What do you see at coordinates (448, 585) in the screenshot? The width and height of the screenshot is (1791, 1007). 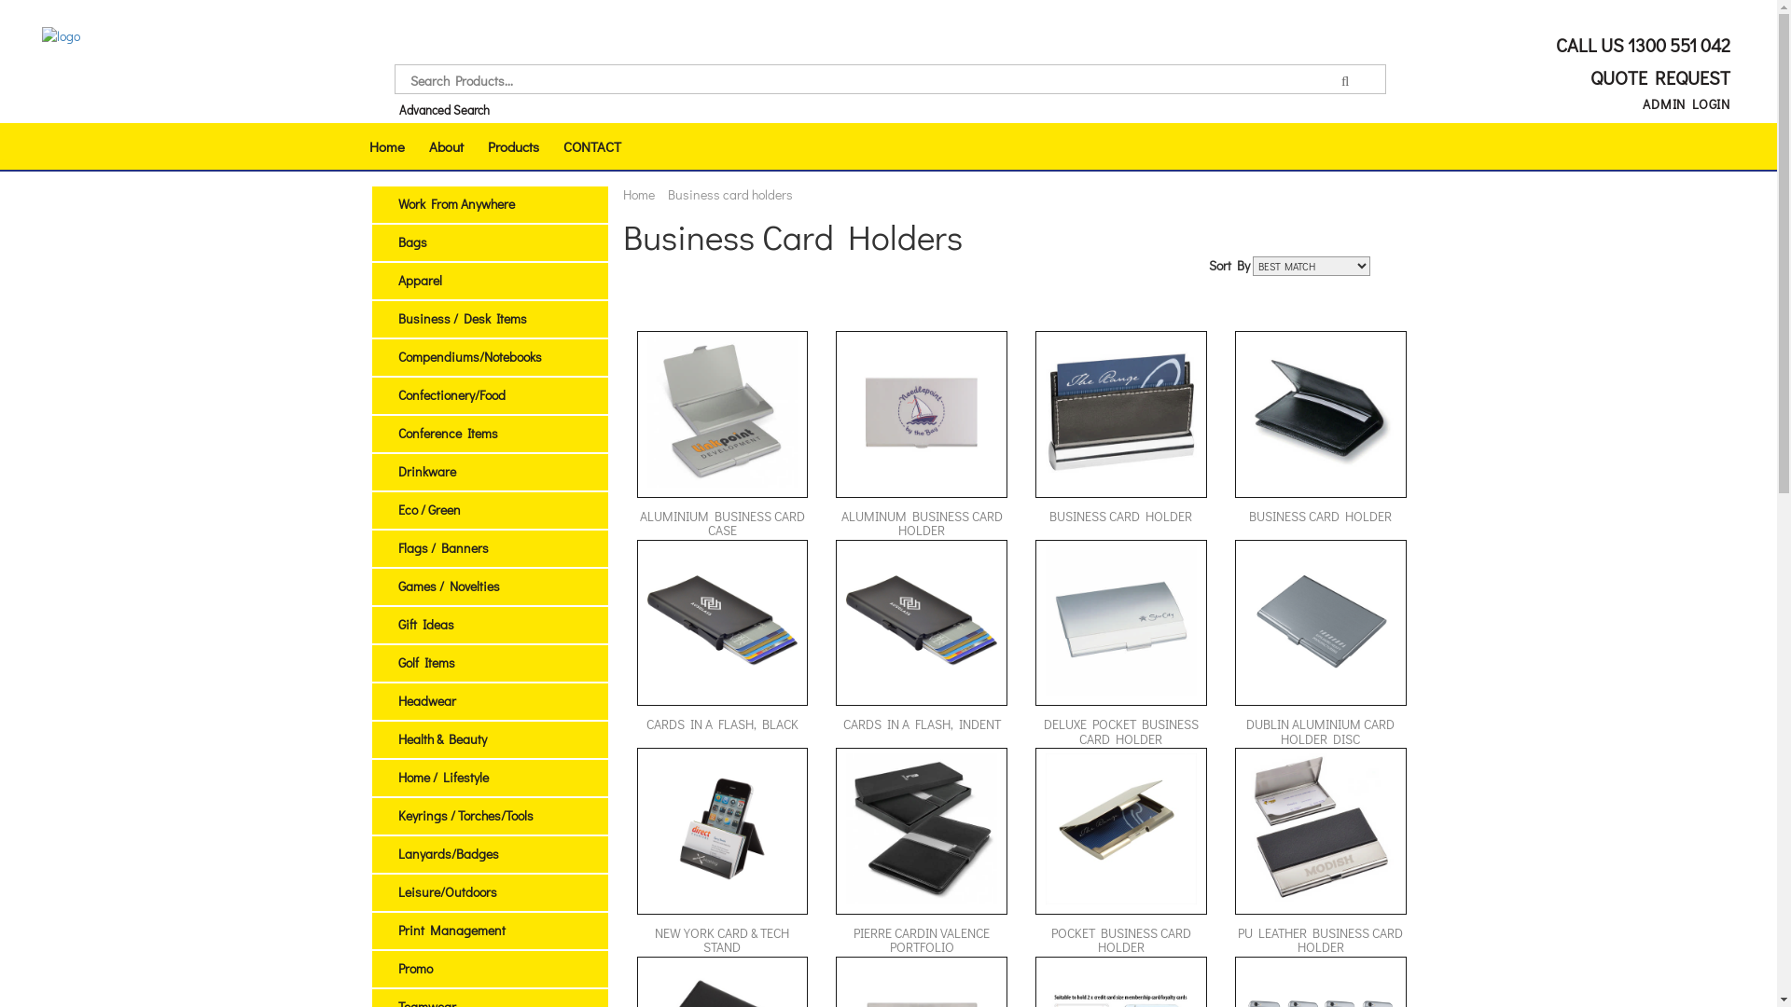 I see `'Games / Novelties'` at bounding box center [448, 585].